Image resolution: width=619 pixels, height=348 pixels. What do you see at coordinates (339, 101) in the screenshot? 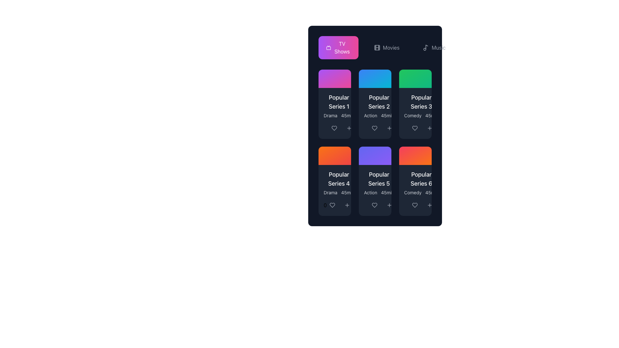
I see `the title text indicating the name of the content represented in the top-left card of the grid` at bounding box center [339, 101].